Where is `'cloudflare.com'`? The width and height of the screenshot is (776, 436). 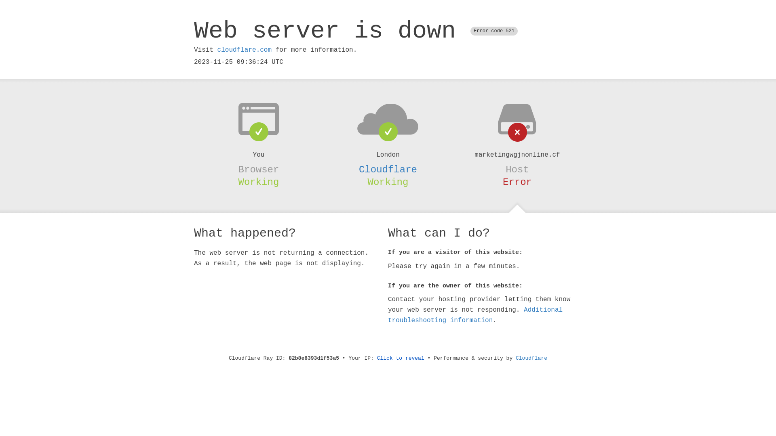 'cloudflare.com' is located at coordinates (244, 50).